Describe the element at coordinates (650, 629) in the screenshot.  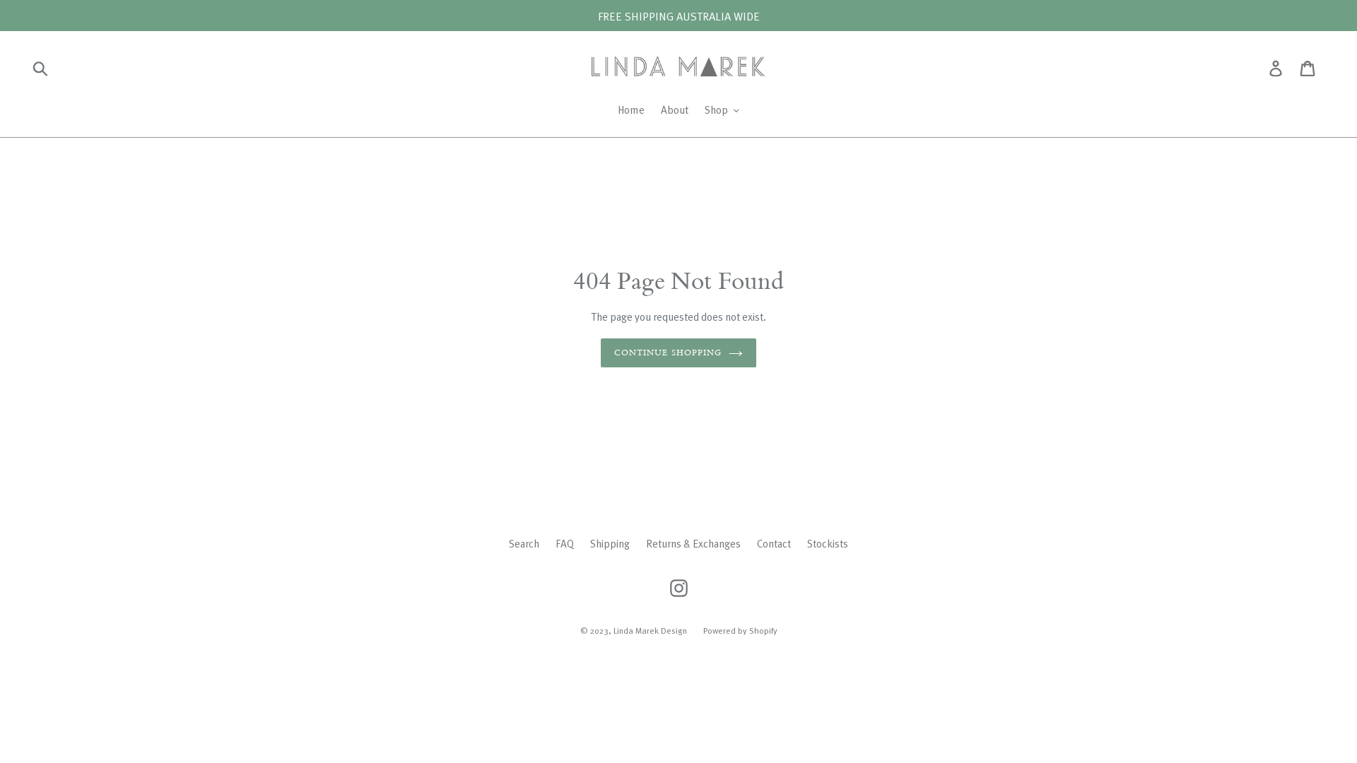
I see `'Linda Marek Design'` at that location.